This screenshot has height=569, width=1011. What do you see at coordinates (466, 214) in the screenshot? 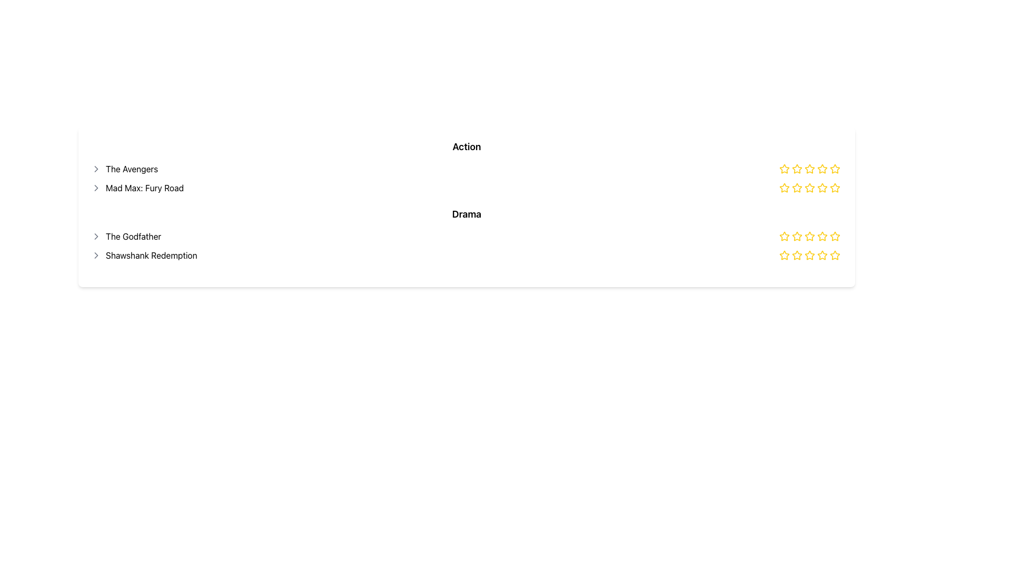
I see `text label that displays 'Drama', which is styled in bold and serves as a section heading for drama films` at bounding box center [466, 214].